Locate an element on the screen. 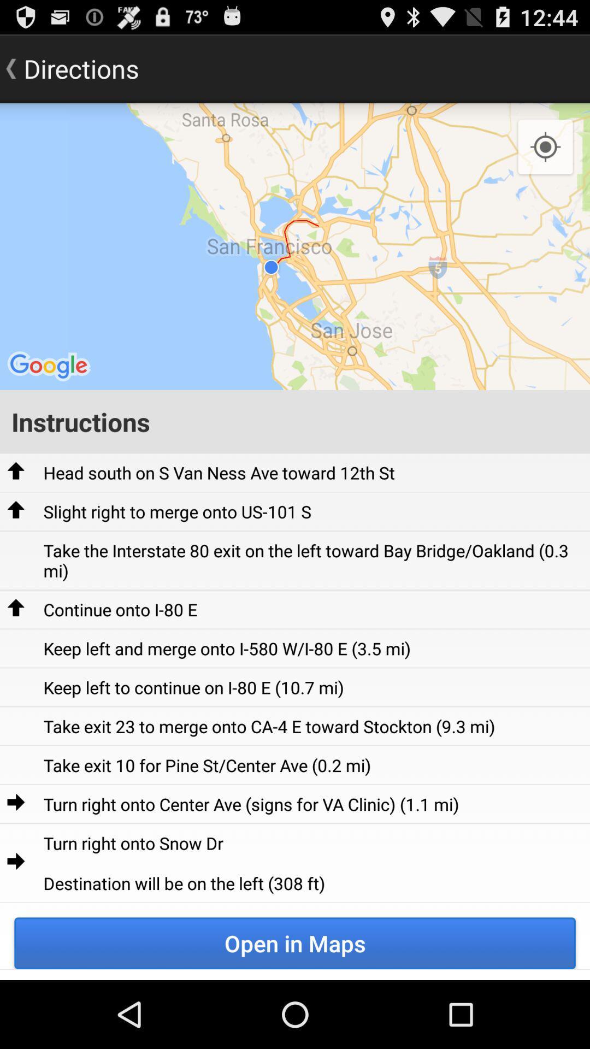 This screenshot has width=590, height=1049. the head south on app is located at coordinates (219, 473).